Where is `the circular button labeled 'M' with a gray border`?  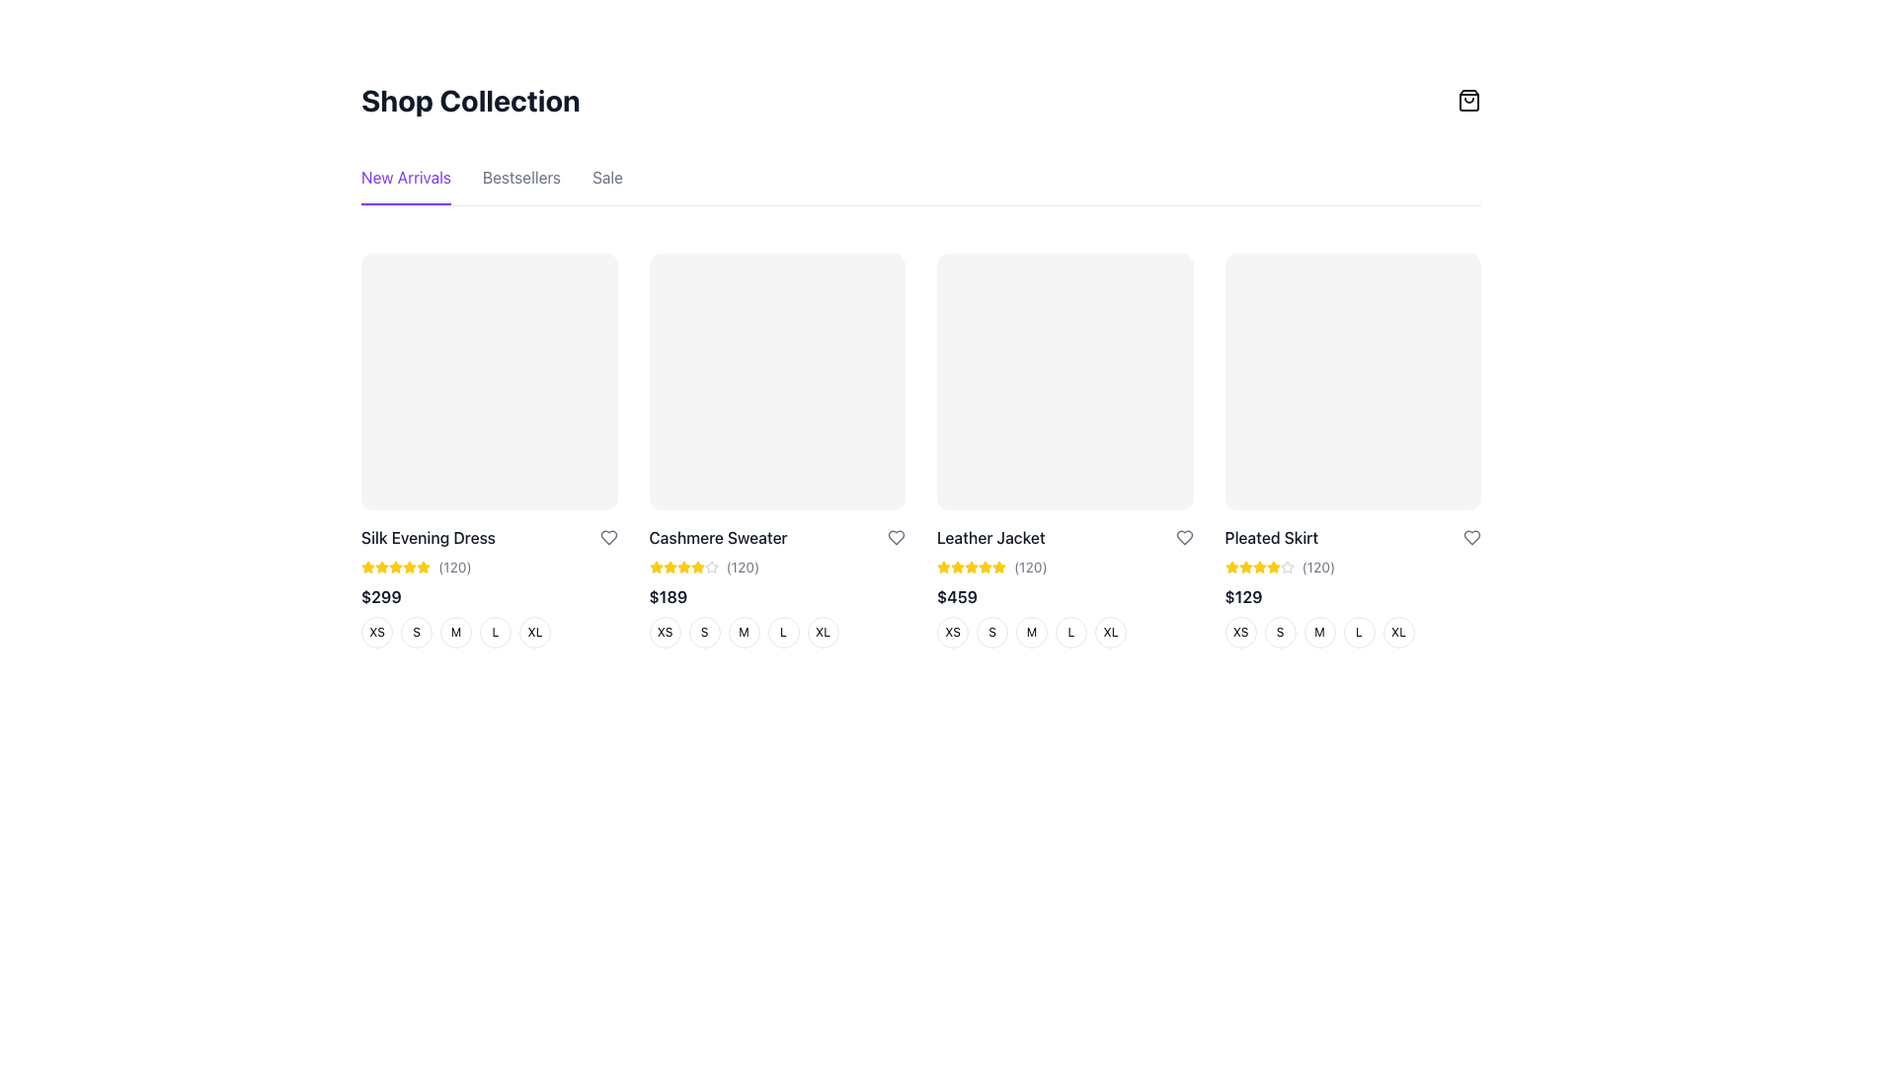
the circular button labeled 'M' with a gray border is located at coordinates (743, 632).